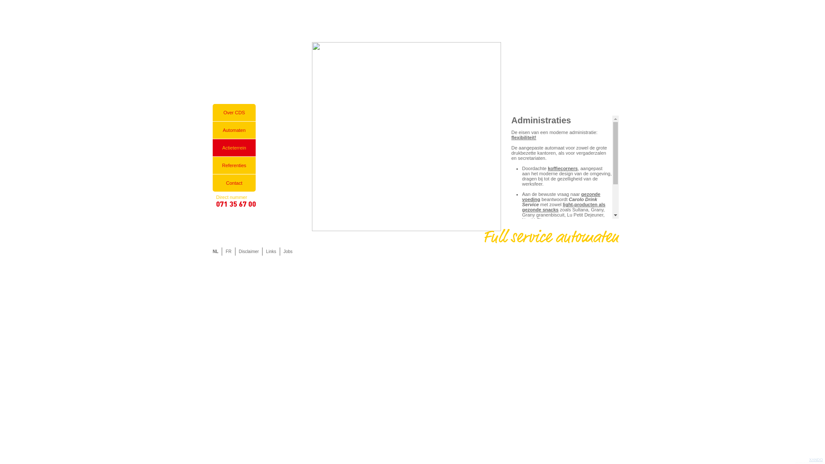  I want to click on 'XANDO', so click(816, 459).